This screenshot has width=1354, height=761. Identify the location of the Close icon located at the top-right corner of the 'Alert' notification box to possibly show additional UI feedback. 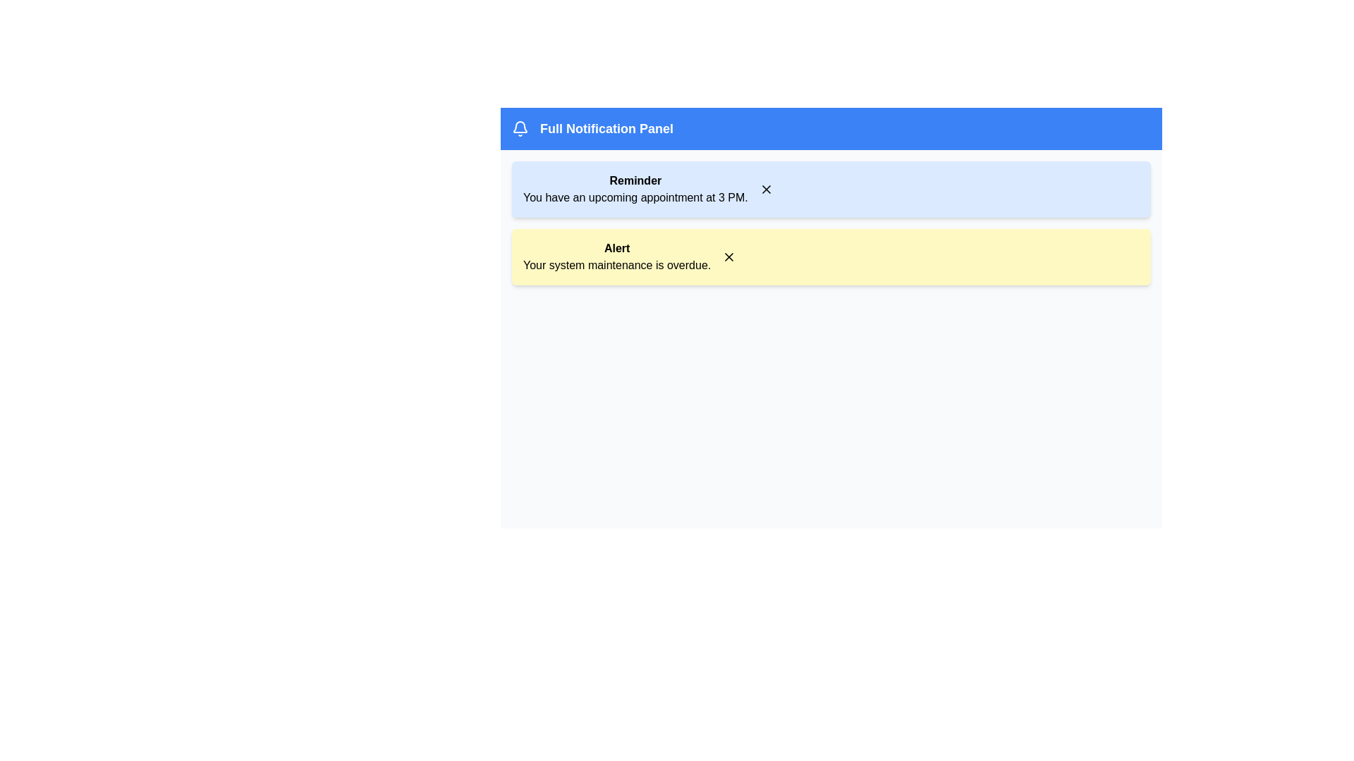
(765, 189).